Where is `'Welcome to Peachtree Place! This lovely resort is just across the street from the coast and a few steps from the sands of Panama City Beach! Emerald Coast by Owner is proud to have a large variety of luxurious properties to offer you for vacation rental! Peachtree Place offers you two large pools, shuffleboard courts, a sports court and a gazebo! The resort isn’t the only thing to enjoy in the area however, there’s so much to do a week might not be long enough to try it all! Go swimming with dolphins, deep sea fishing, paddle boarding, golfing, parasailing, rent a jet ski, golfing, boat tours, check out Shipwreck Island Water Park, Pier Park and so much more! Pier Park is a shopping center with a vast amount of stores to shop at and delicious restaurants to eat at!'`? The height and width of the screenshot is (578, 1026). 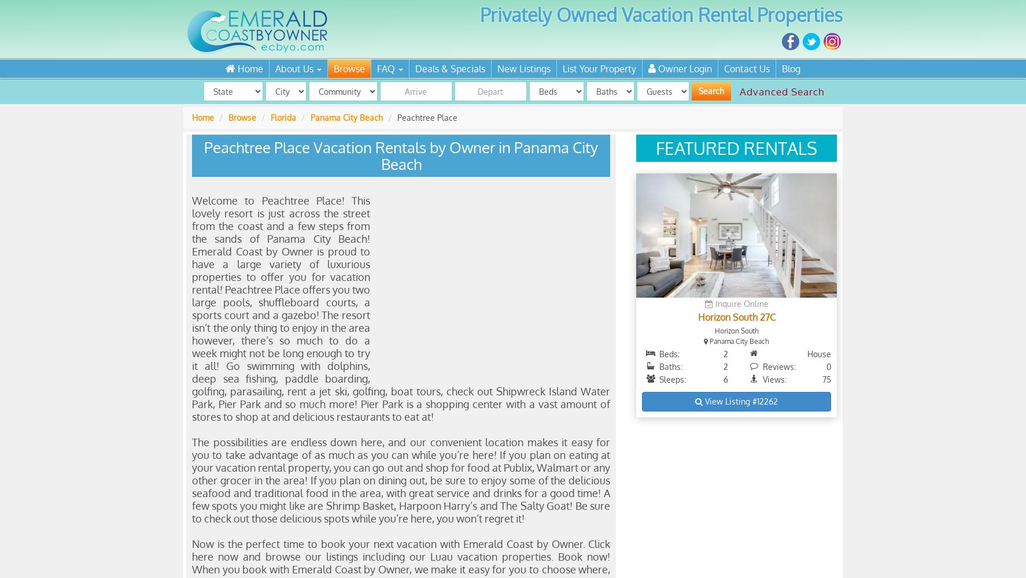 'Welcome to Peachtree Place! This lovely resort is just across the street from the coast and a few steps from the sands of Panama City Beach! Emerald Coast by Owner is proud to have a large variety of luxurious properties to offer you for vacation rental! Peachtree Place offers you two large pools, shuffleboard courts, a sports court and a gazebo! The resort isn’t the only thing to enjoy in the area however, there’s so much to do a week might not be long enough to try it all! Go swimming with dolphins, deep sea fishing, paddle boarding, golfing, parasailing, rent a jet ski, golfing, boat tours, check out Shipwreck Island Water Park, Pier Park and so much more! Pier Park is a shopping center with a vast amount of stores to shop at and delicious restaurants to eat at!' is located at coordinates (191, 309).